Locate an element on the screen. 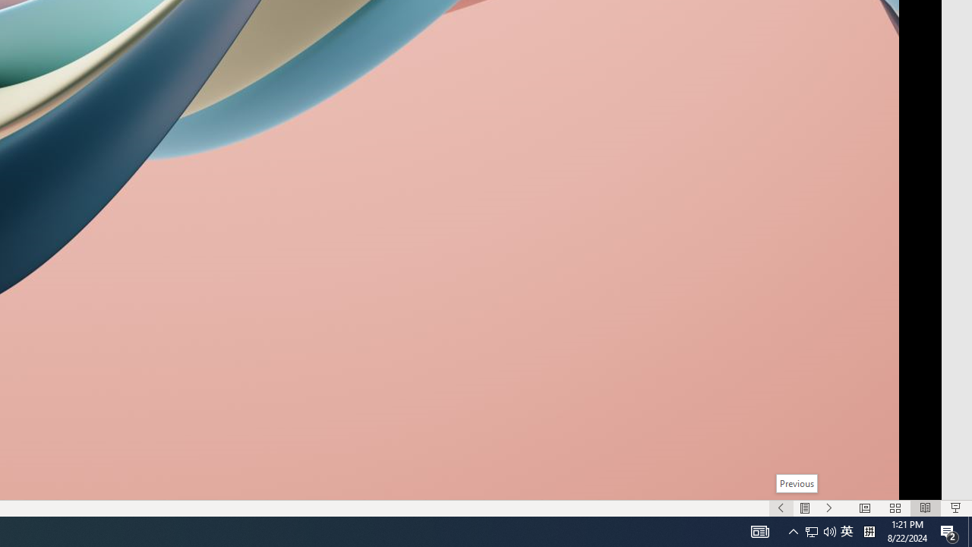 The image size is (972, 547). 'Slide Show Next On' is located at coordinates (828, 508).